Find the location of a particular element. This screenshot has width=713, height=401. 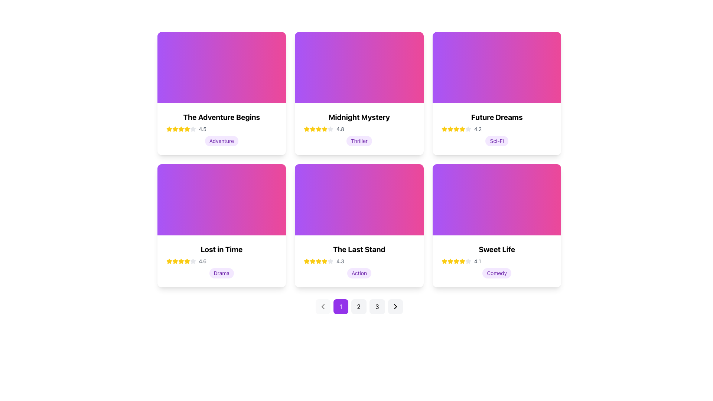

the pagination button displaying the number '2' is located at coordinates (359, 306).